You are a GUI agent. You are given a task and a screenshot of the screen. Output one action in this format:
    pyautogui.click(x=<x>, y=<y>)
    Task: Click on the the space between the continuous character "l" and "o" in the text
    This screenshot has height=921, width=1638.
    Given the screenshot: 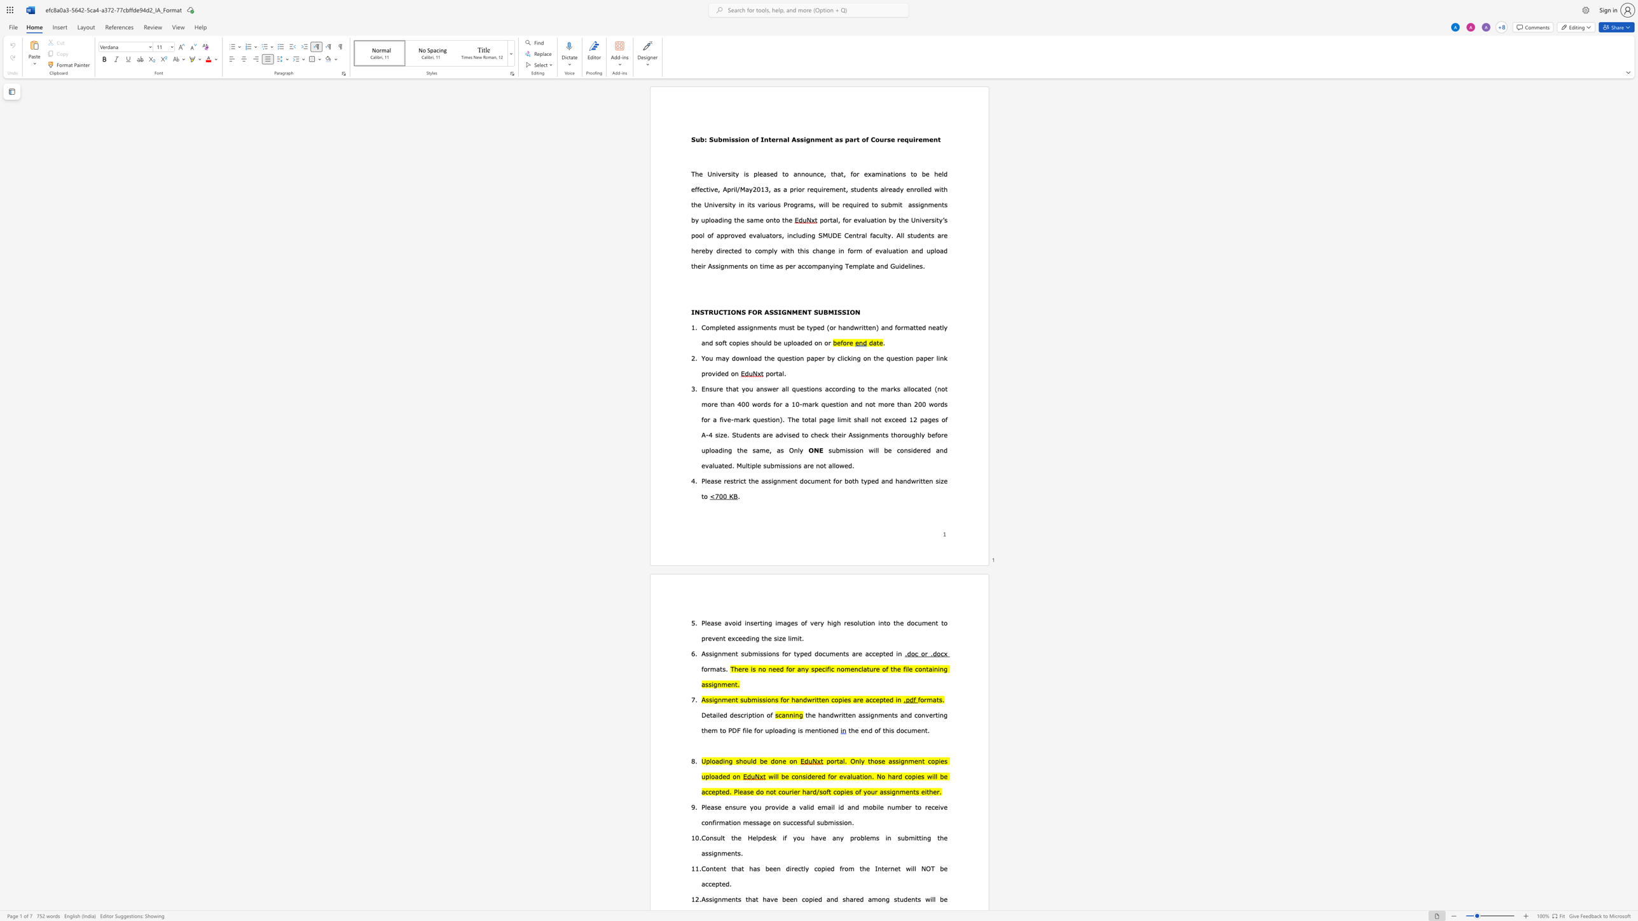 What is the action you would take?
    pyautogui.click(x=711, y=220)
    